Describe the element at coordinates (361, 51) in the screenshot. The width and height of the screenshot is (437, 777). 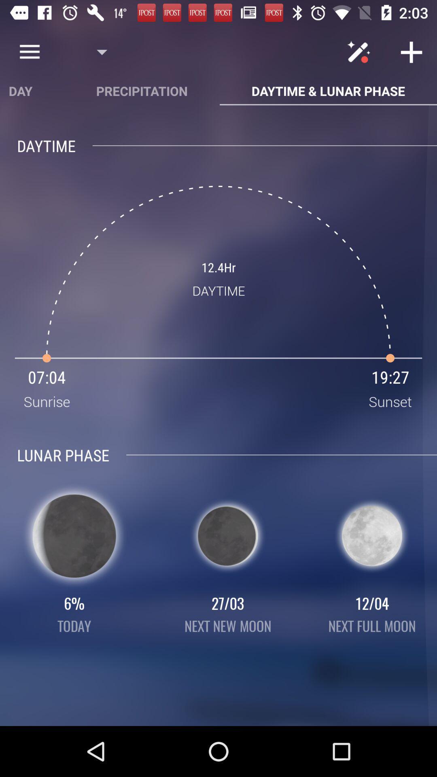
I see `the icon which is above the text daytimelunar phase` at that location.